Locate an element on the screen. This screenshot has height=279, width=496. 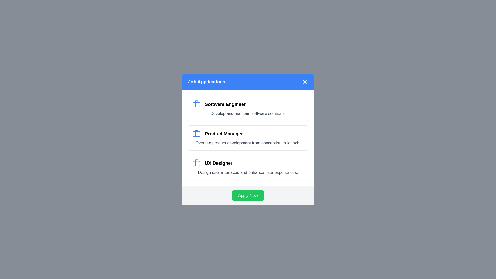
the 'Product Manager' job title label in the second card of the job list in the modal, which is positioned below 'Software Engineer' and above 'UX Designer' is located at coordinates (224, 133).